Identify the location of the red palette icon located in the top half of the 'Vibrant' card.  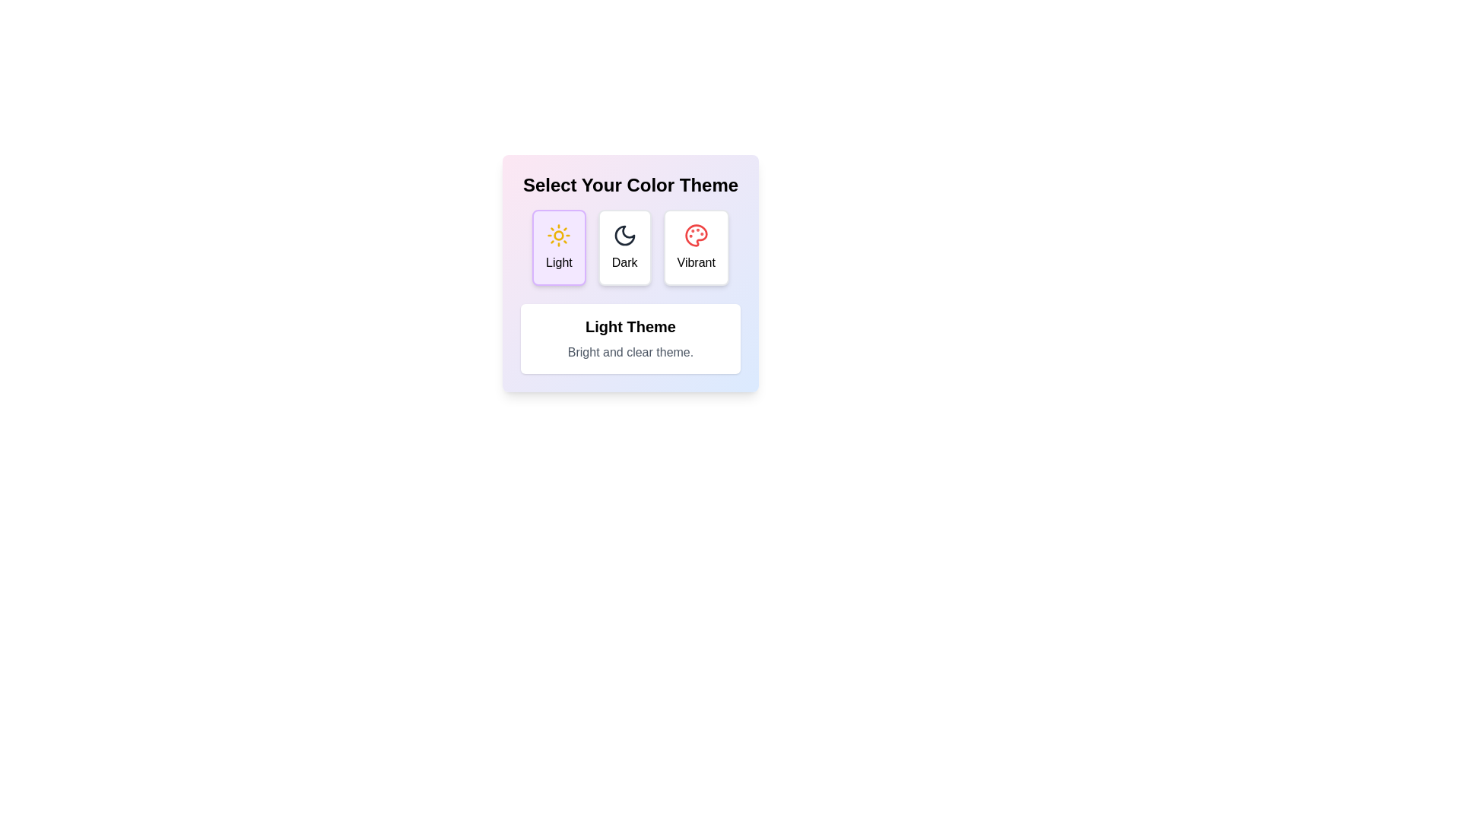
(695, 235).